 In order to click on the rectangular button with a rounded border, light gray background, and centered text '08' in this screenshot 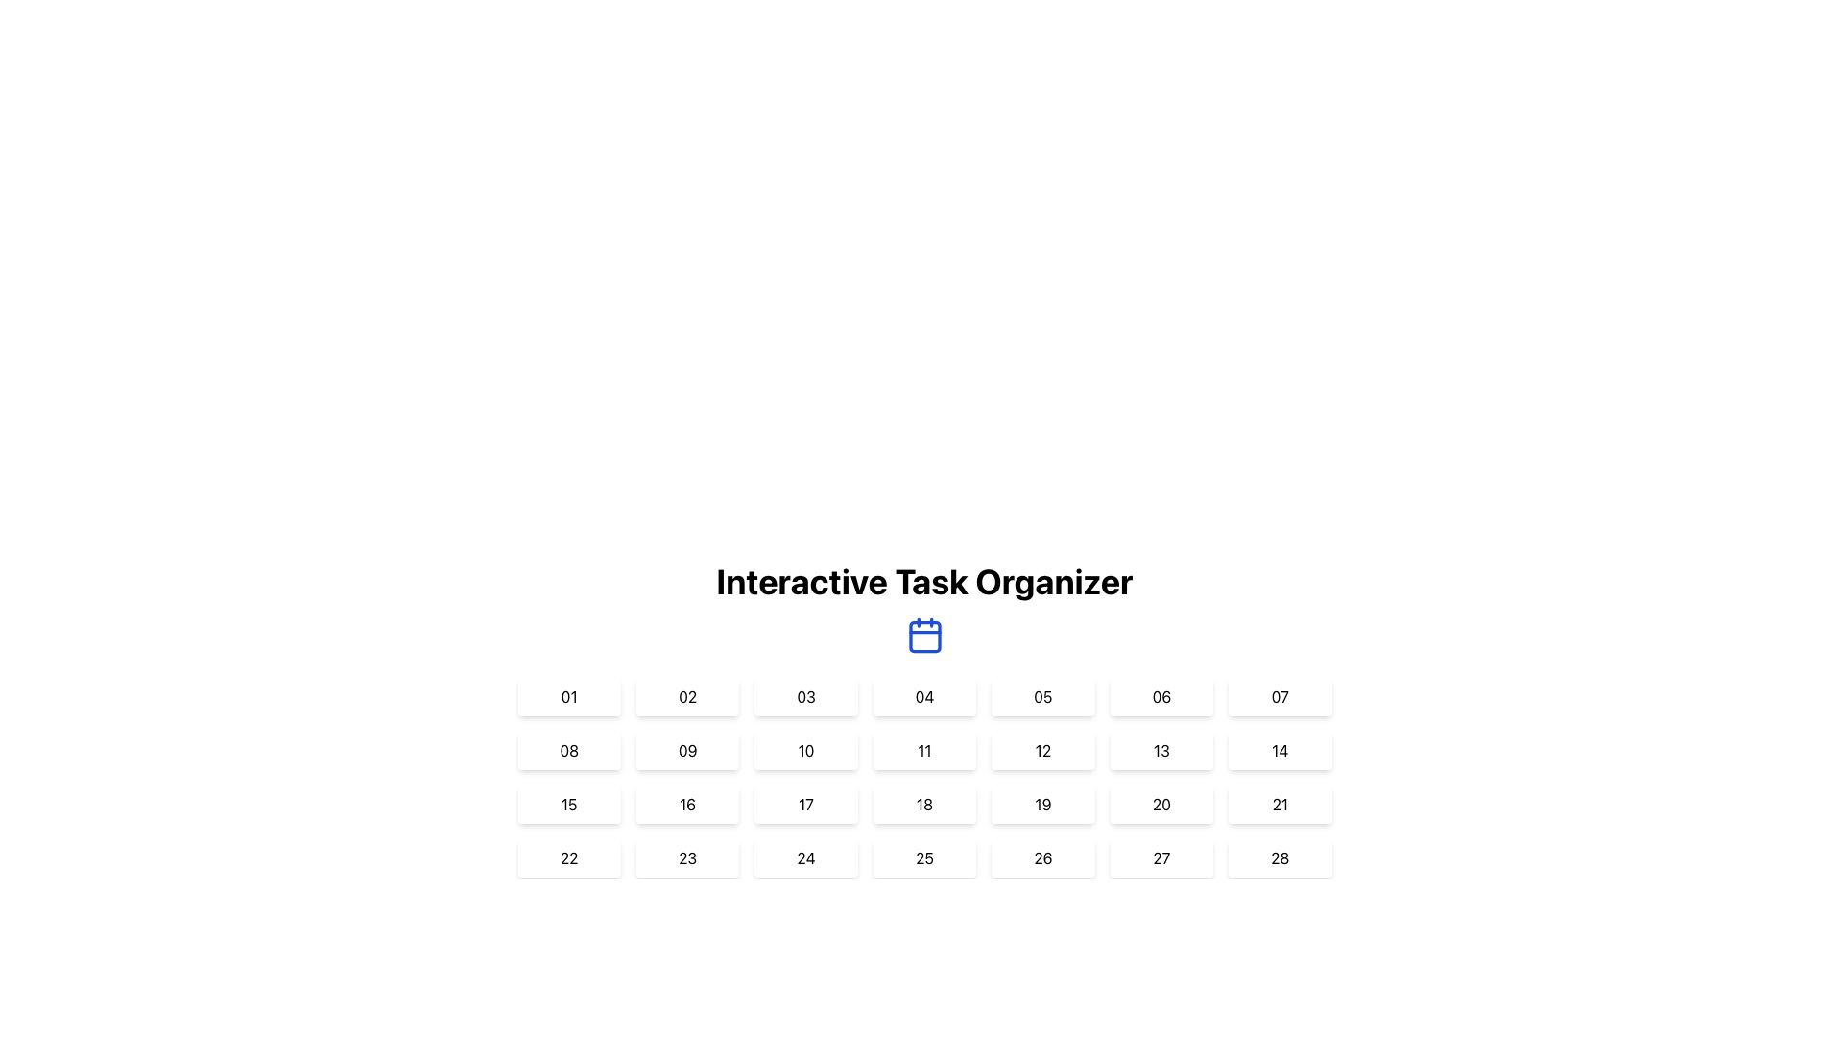, I will do `click(568, 750)`.